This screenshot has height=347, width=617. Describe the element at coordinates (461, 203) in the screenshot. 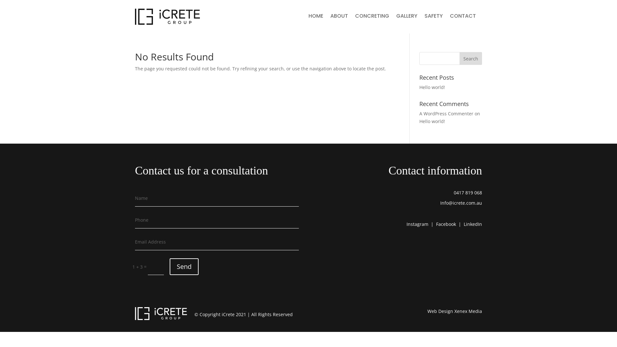

I see `'Info@icrete.com.au'` at that location.